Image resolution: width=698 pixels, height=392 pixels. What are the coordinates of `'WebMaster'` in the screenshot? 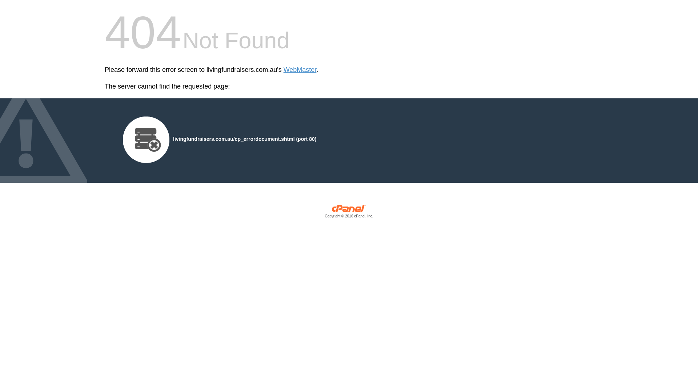 It's located at (300, 70).